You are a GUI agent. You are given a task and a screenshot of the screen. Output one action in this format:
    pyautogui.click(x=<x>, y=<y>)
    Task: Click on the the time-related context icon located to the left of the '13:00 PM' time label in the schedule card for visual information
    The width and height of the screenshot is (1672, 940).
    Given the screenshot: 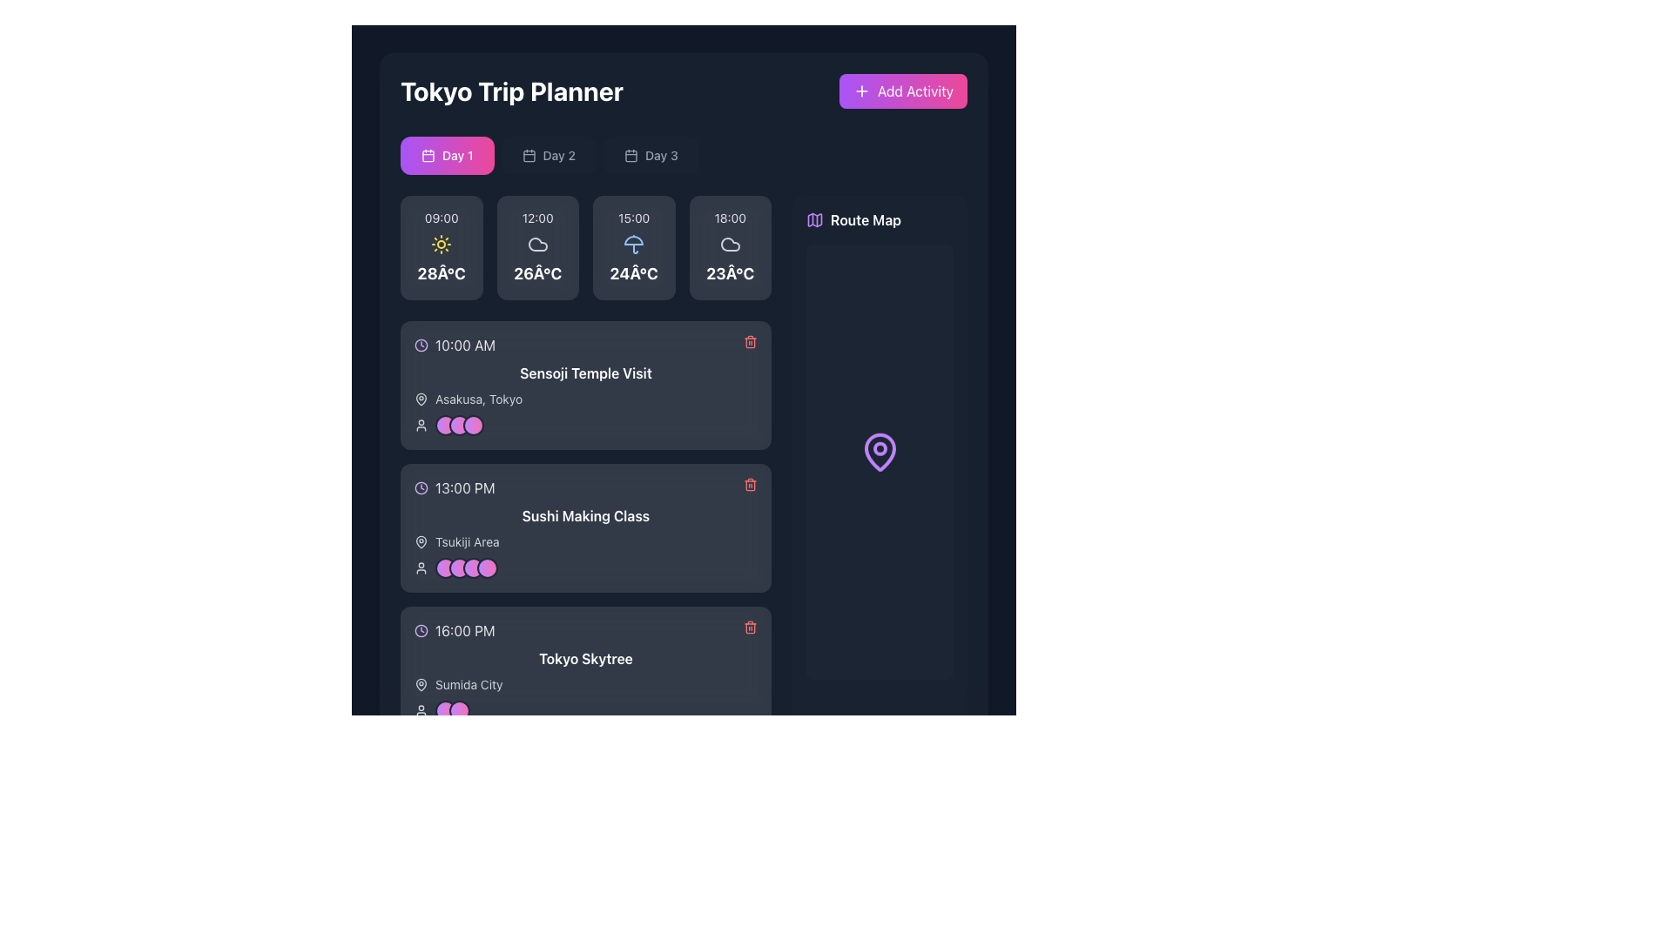 What is the action you would take?
    pyautogui.click(x=421, y=487)
    